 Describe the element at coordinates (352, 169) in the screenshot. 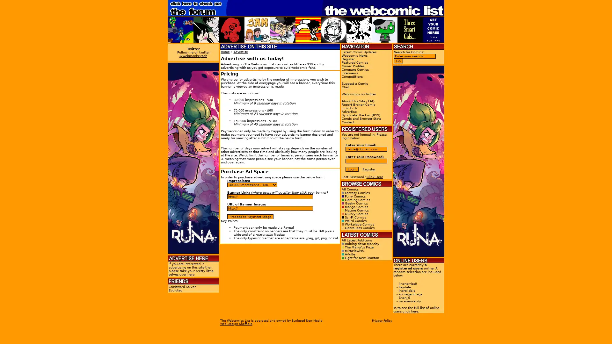

I see `Login` at that location.